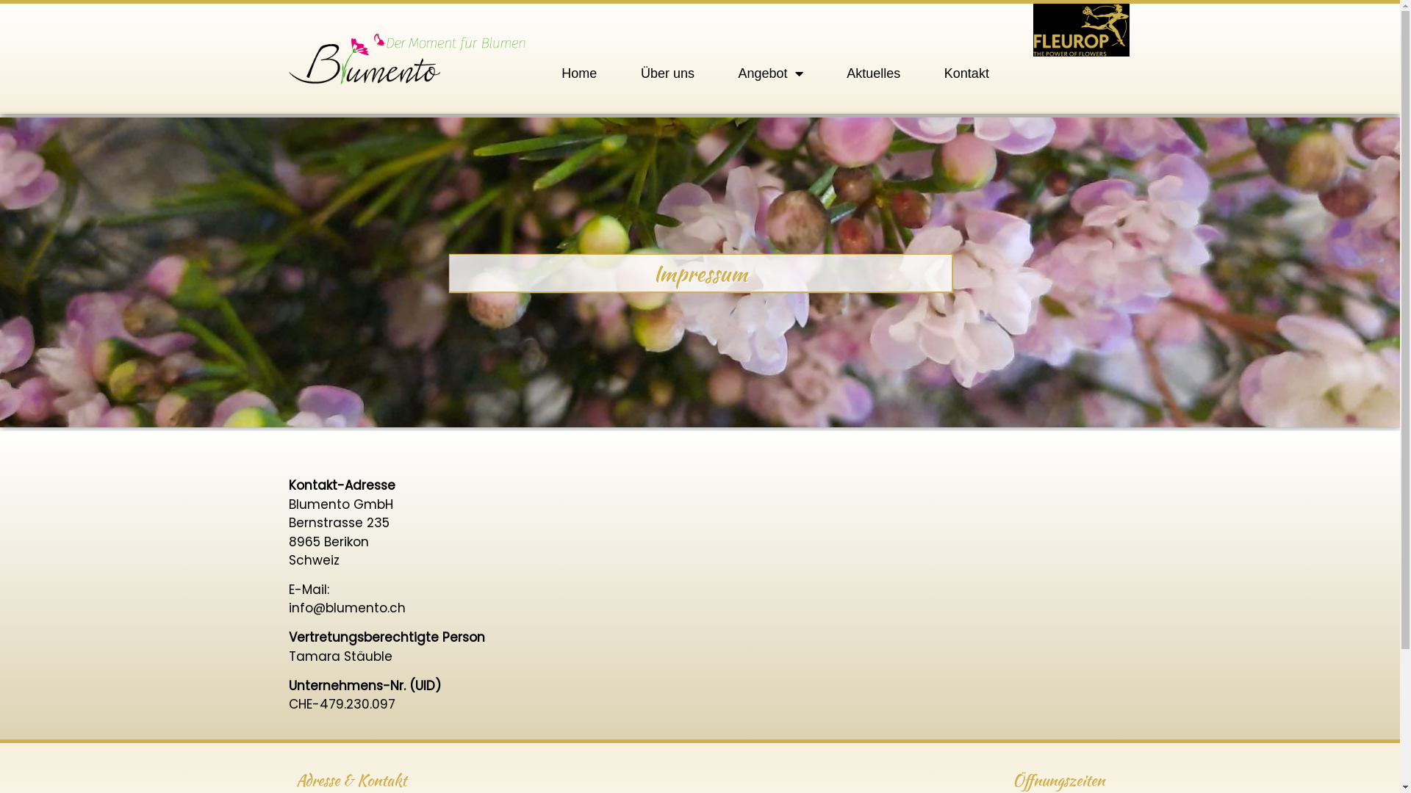  I want to click on 'Kontakt', so click(966, 73).